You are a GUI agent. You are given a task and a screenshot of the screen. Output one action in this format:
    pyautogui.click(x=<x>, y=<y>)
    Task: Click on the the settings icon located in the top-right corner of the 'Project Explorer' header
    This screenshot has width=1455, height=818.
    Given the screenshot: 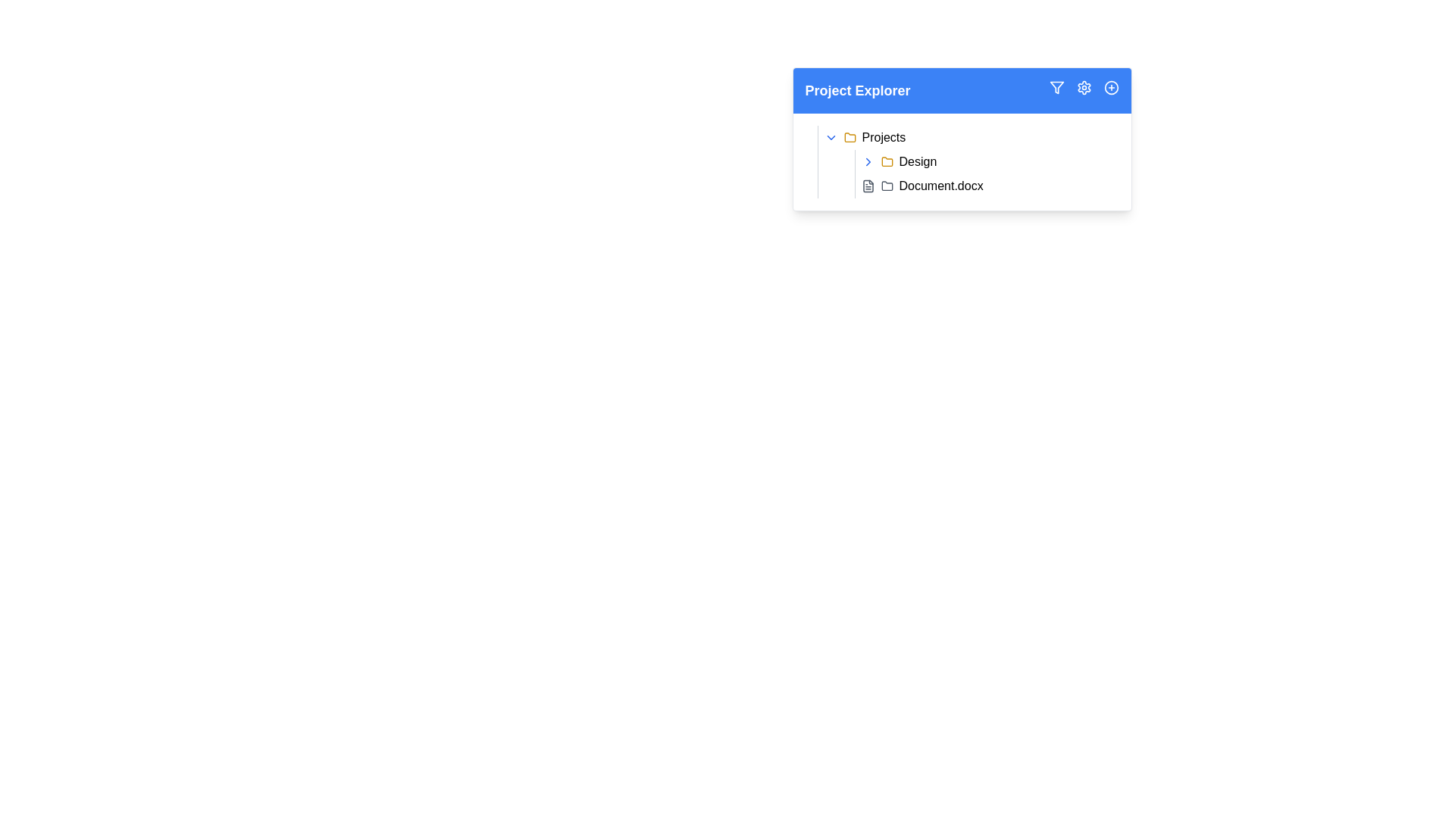 What is the action you would take?
    pyautogui.click(x=1083, y=90)
    